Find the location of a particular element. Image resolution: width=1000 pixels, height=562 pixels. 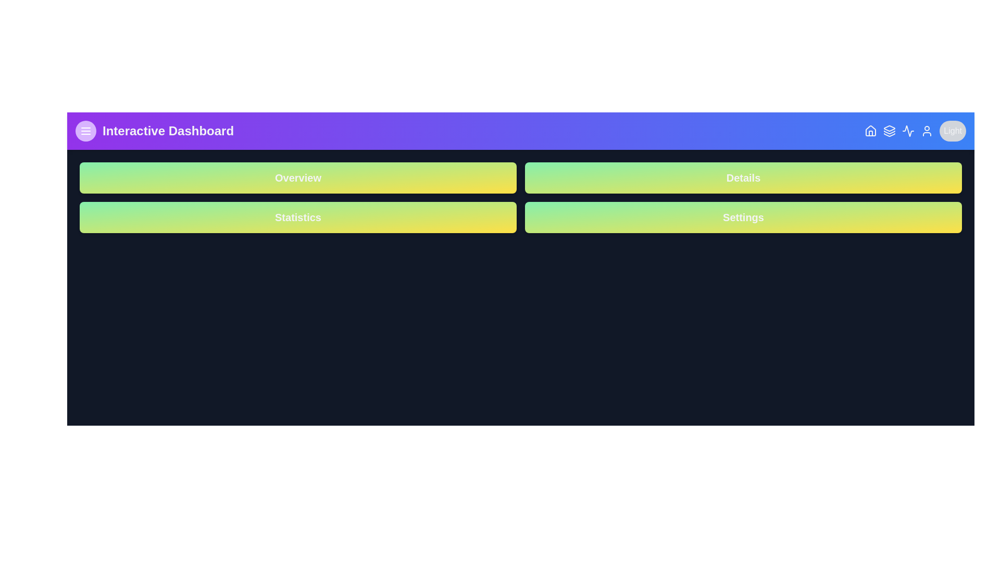

the button labeled 'Statistics' is located at coordinates (297, 216).